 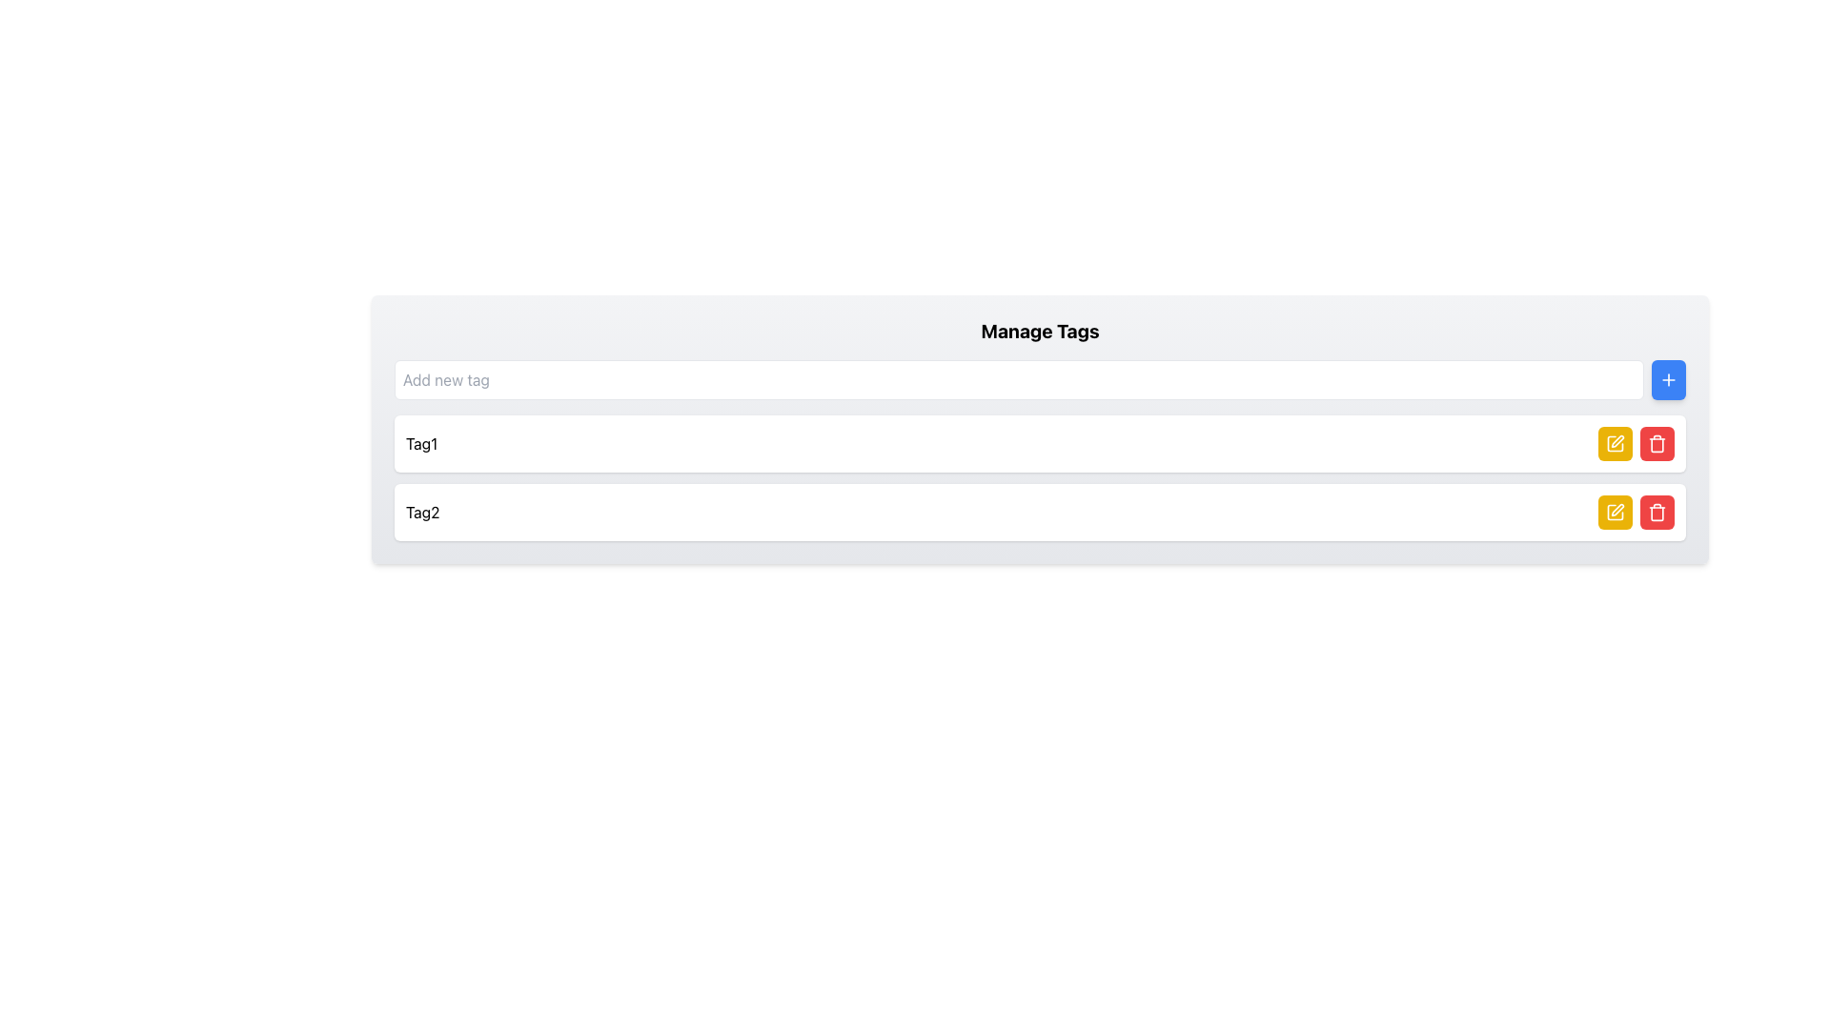 What do you see at coordinates (1656, 511) in the screenshot?
I see `the delete button at the right end of the second row in the tag list` at bounding box center [1656, 511].